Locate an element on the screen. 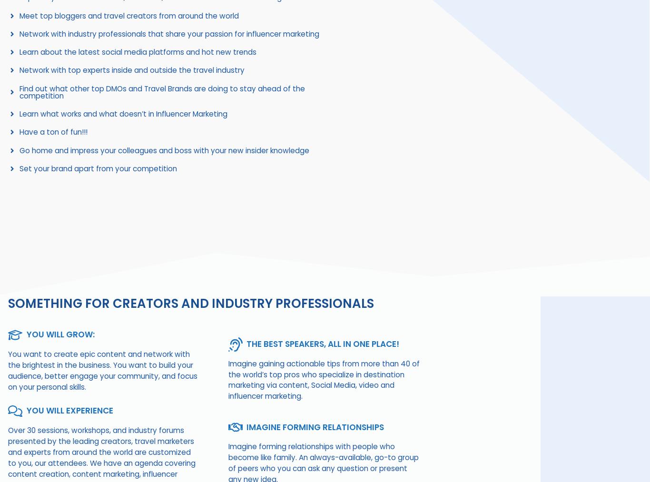 Image resolution: width=650 pixels, height=482 pixels. 'Network with top experts inside and outside the travel industry' is located at coordinates (131, 70).